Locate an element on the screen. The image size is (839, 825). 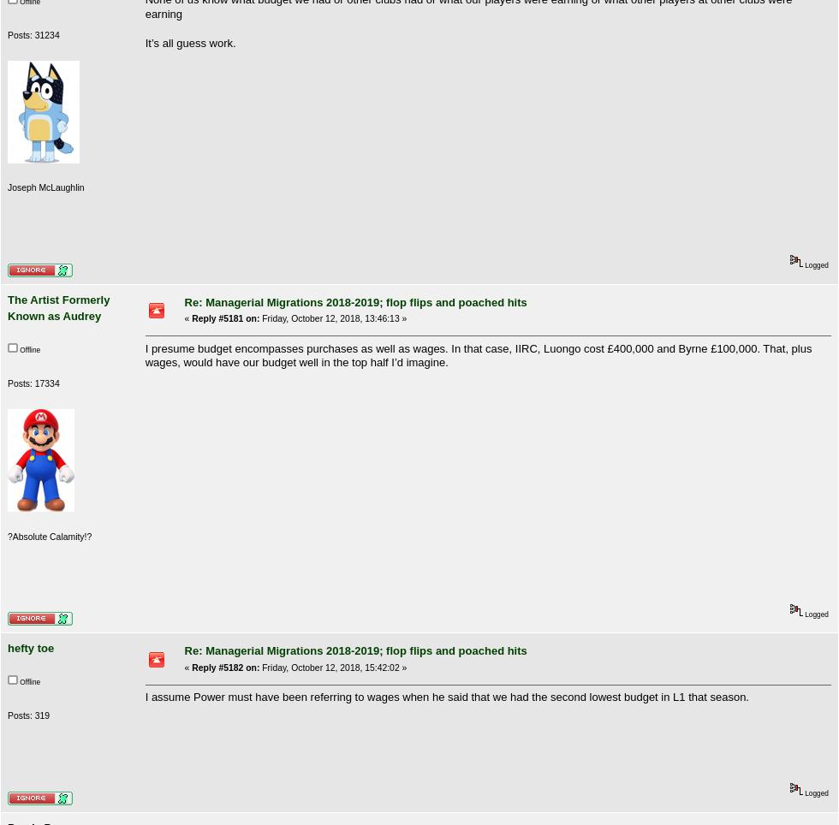
'Joseph McLaughlin' is located at coordinates (45, 187).